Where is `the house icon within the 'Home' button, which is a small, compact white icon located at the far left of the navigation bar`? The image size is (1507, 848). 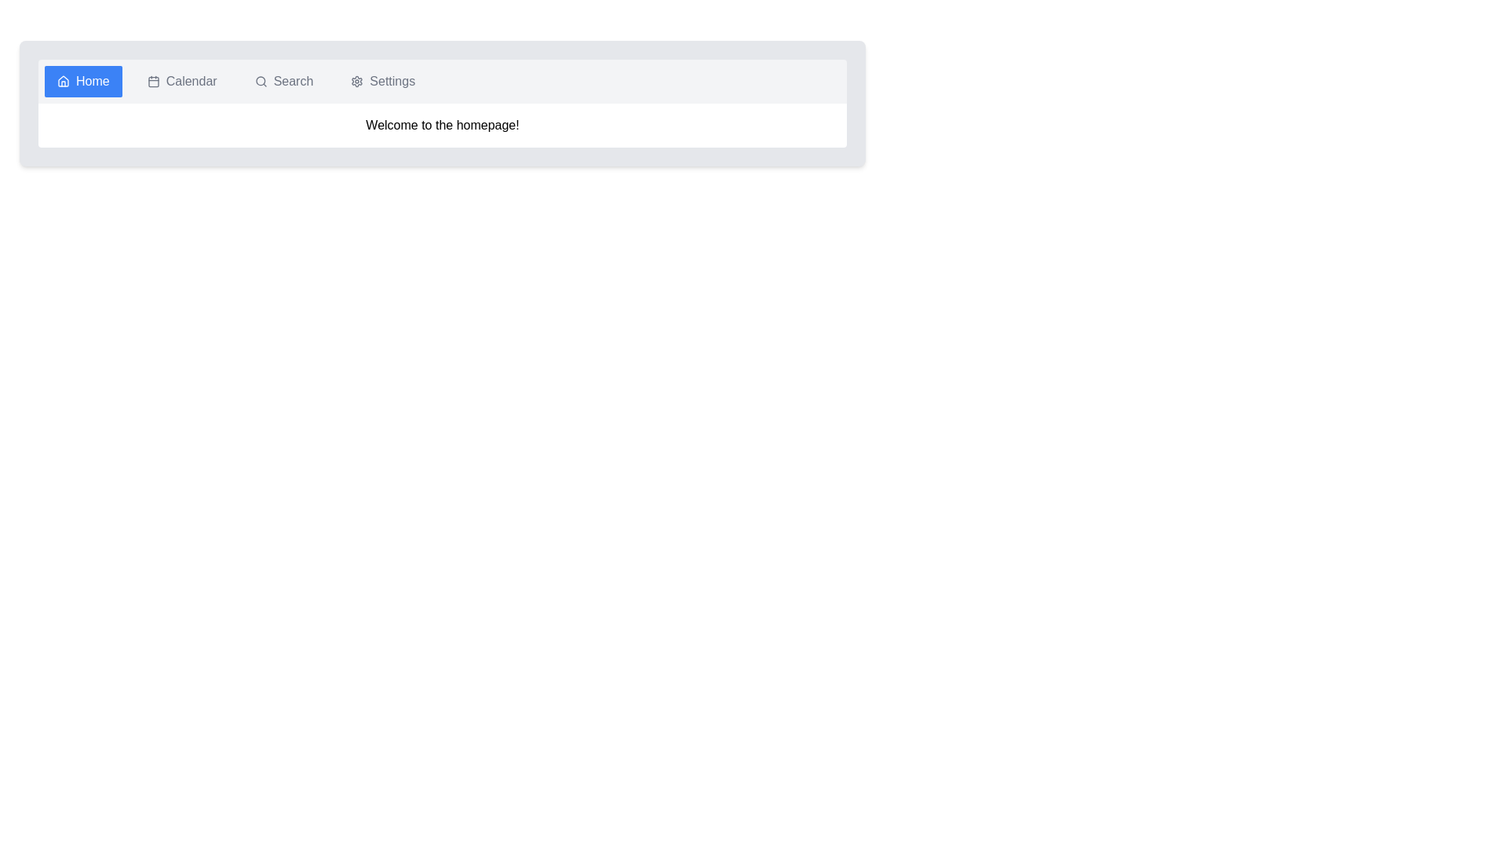 the house icon within the 'Home' button, which is a small, compact white icon located at the far left of the navigation bar is located at coordinates (63, 82).